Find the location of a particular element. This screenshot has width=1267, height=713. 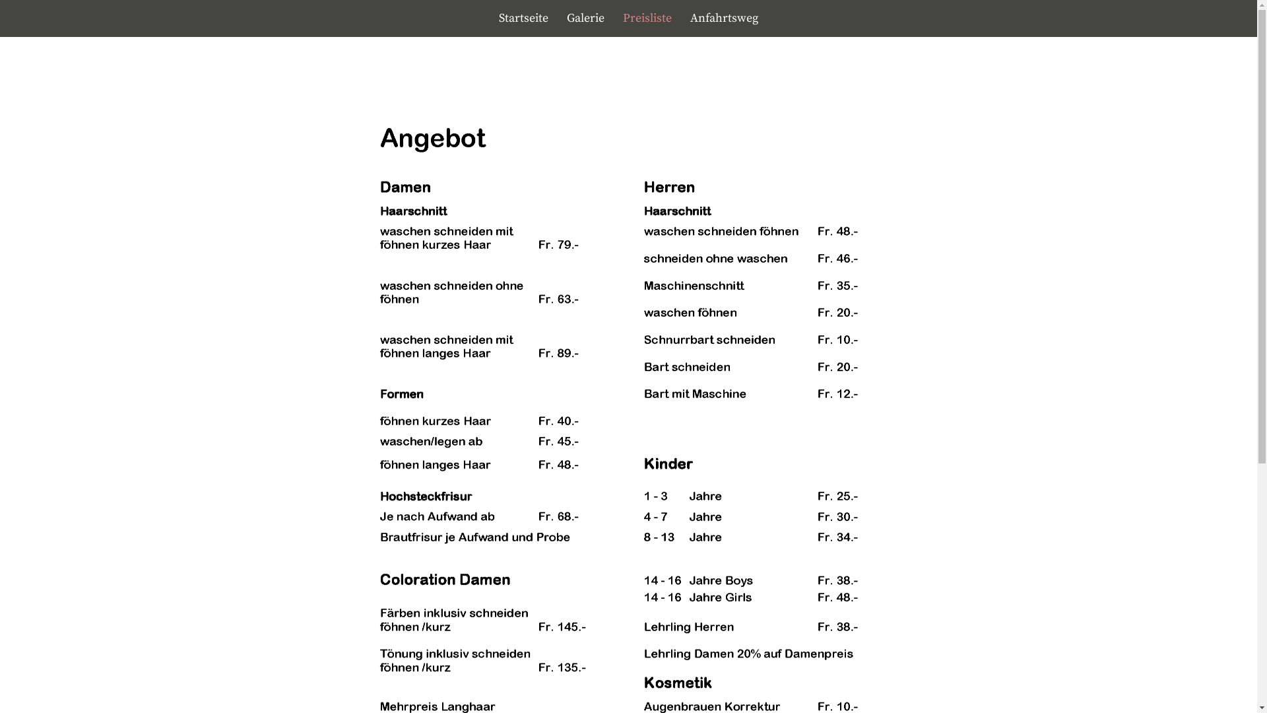

'Galerie' is located at coordinates (585, 18).